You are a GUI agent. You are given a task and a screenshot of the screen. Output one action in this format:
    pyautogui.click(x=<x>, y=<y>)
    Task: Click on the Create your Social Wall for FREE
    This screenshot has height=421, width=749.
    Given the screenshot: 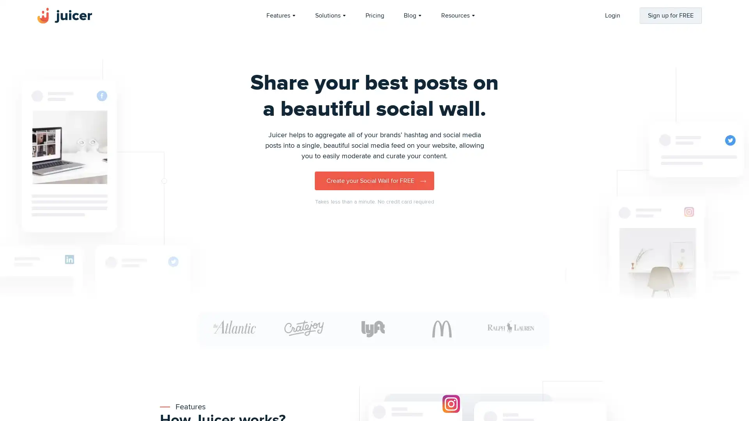 What is the action you would take?
    pyautogui.click(x=374, y=180)
    